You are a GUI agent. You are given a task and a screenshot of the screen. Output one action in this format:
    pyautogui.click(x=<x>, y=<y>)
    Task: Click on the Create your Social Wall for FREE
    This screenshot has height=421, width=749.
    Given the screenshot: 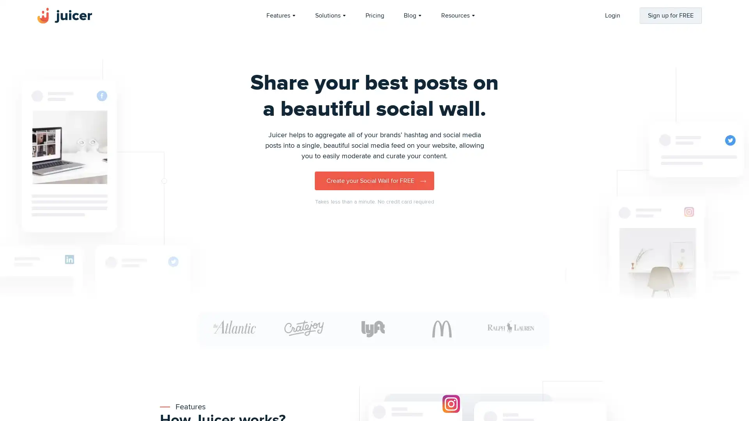 What is the action you would take?
    pyautogui.click(x=374, y=180)
    